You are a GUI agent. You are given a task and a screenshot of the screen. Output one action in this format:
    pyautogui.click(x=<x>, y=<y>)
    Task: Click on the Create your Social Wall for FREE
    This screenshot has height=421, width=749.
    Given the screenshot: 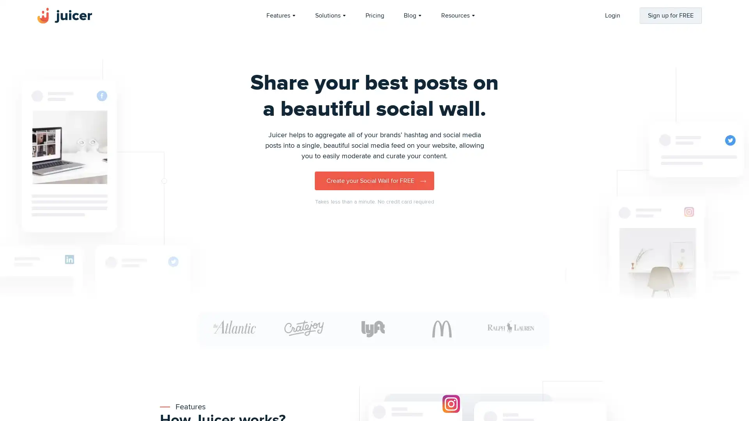 What is the action you would take?
    pyautogui.click(x=374, y=180)
    